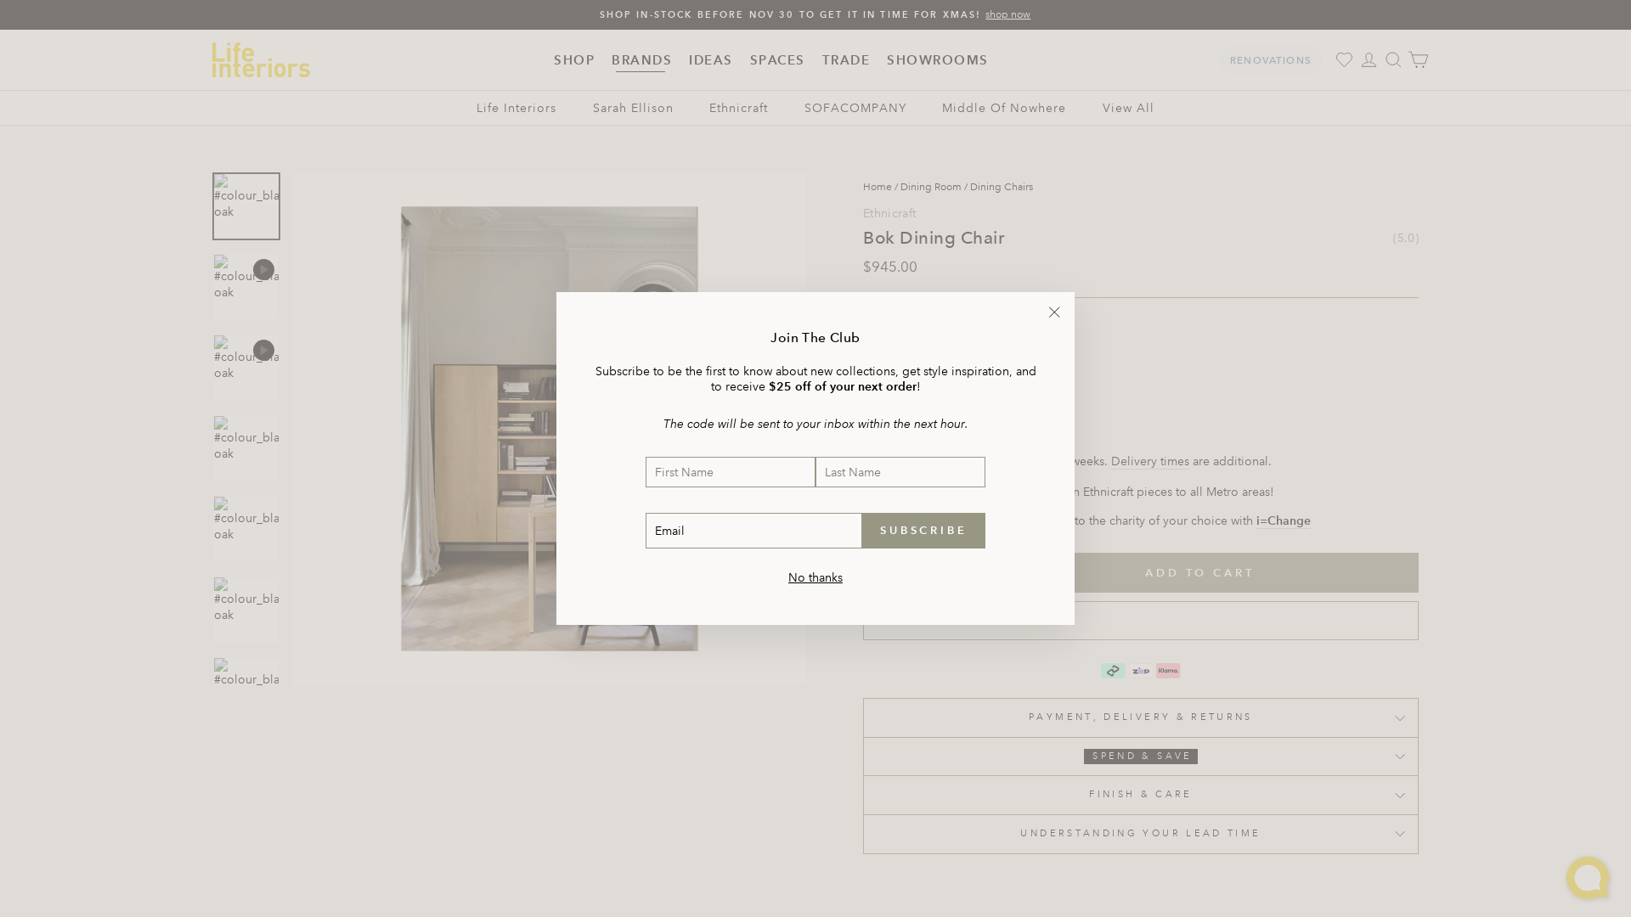 The image size is (1631, 917). What do you see at coordinates (923, 529) in the screenshot?
I see `'SUBSCRIBE'` at bounding box center [923, 529].